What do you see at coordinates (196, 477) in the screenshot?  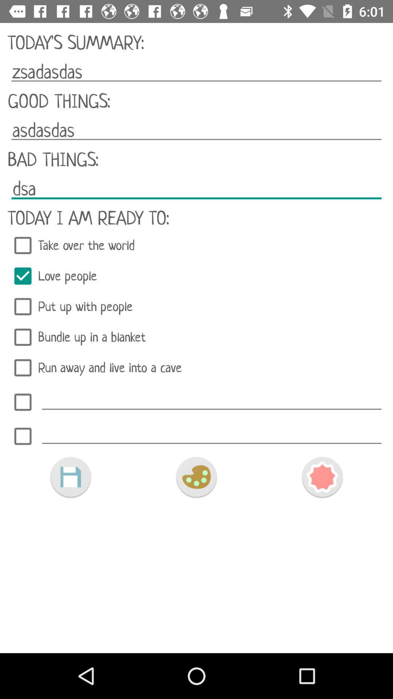 I see `the emoji icon` at bounding box center [196, 477].